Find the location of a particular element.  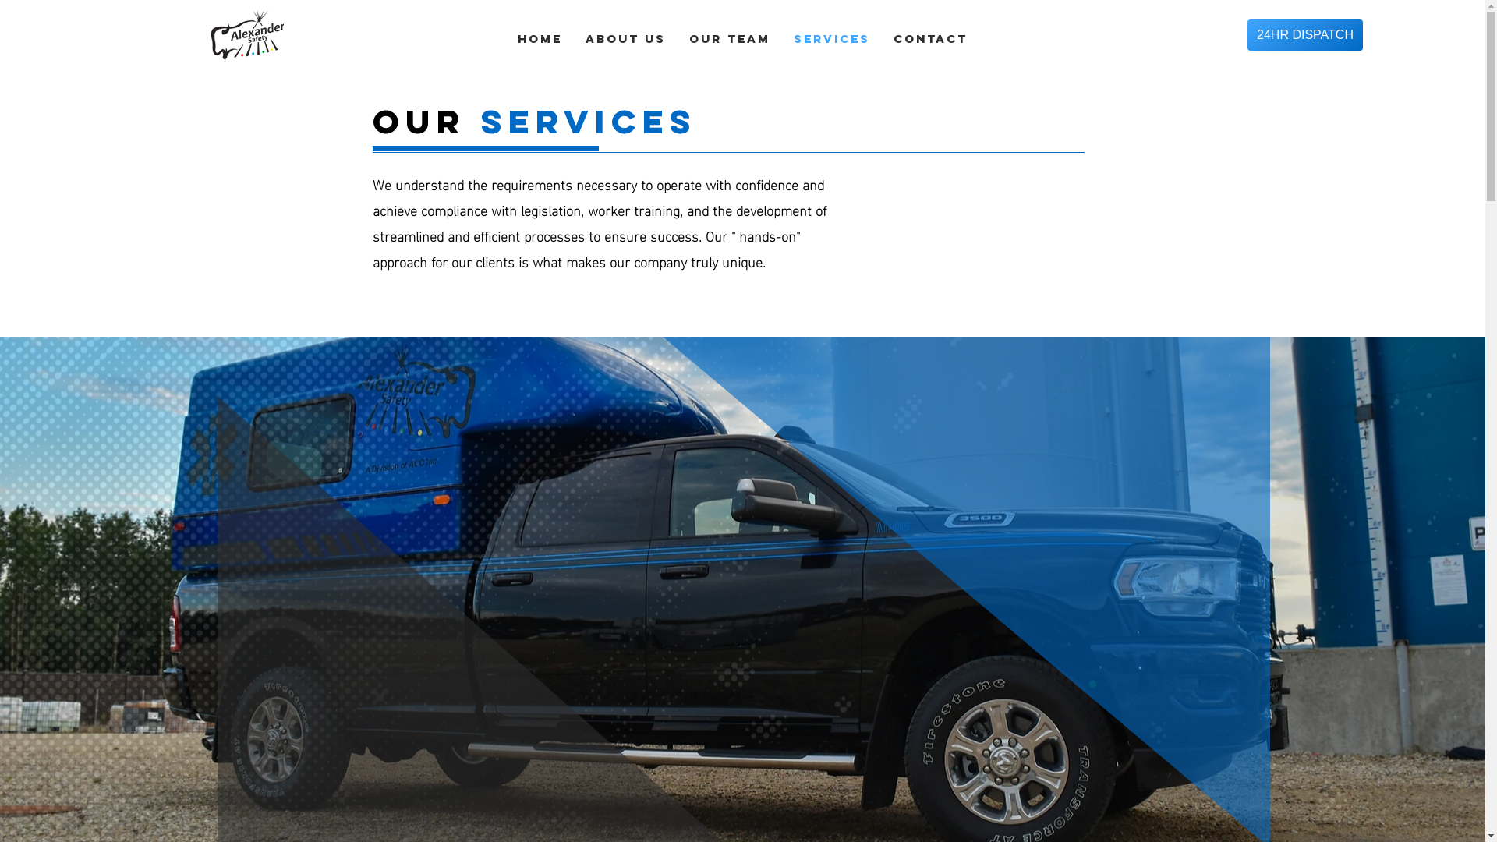

'ABOUT US' is located at coordinates (625, 38).